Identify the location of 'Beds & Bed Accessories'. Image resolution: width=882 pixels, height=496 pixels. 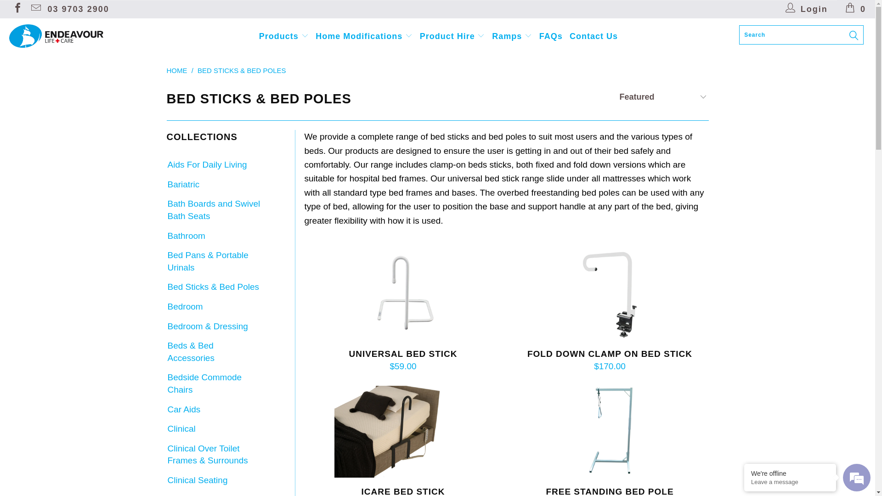
(213, 351).